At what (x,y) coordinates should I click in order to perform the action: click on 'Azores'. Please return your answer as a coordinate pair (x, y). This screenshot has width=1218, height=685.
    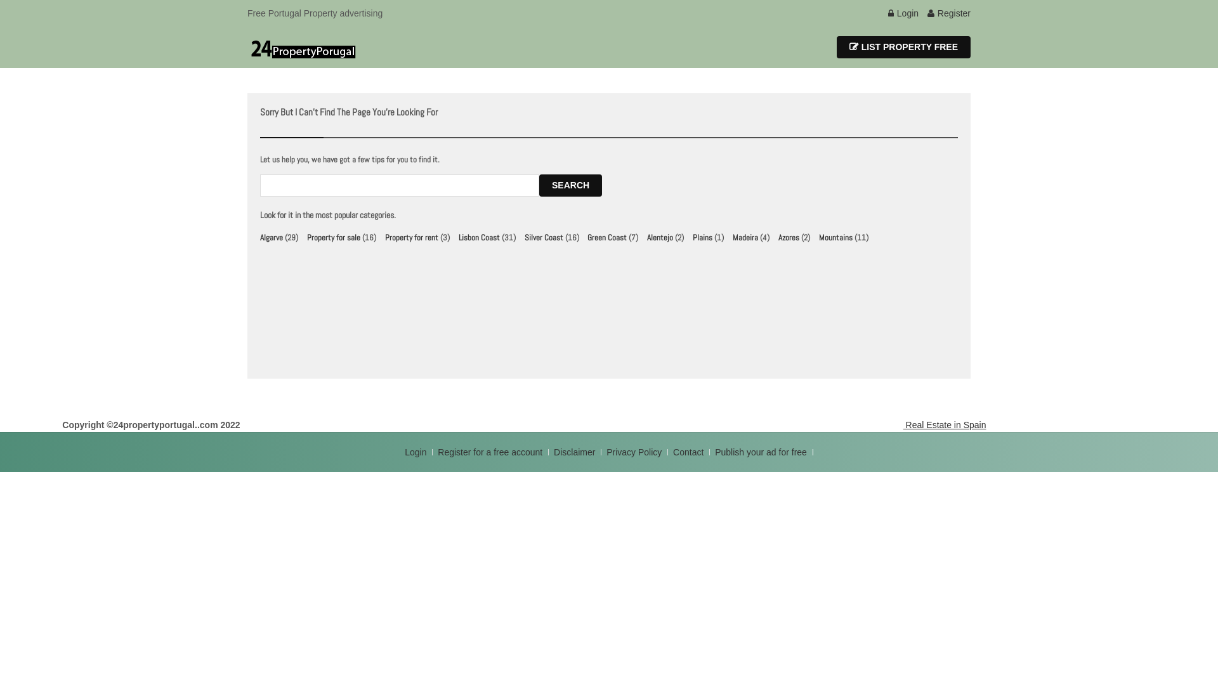
    Looking at the image, I should click on (788, 237).